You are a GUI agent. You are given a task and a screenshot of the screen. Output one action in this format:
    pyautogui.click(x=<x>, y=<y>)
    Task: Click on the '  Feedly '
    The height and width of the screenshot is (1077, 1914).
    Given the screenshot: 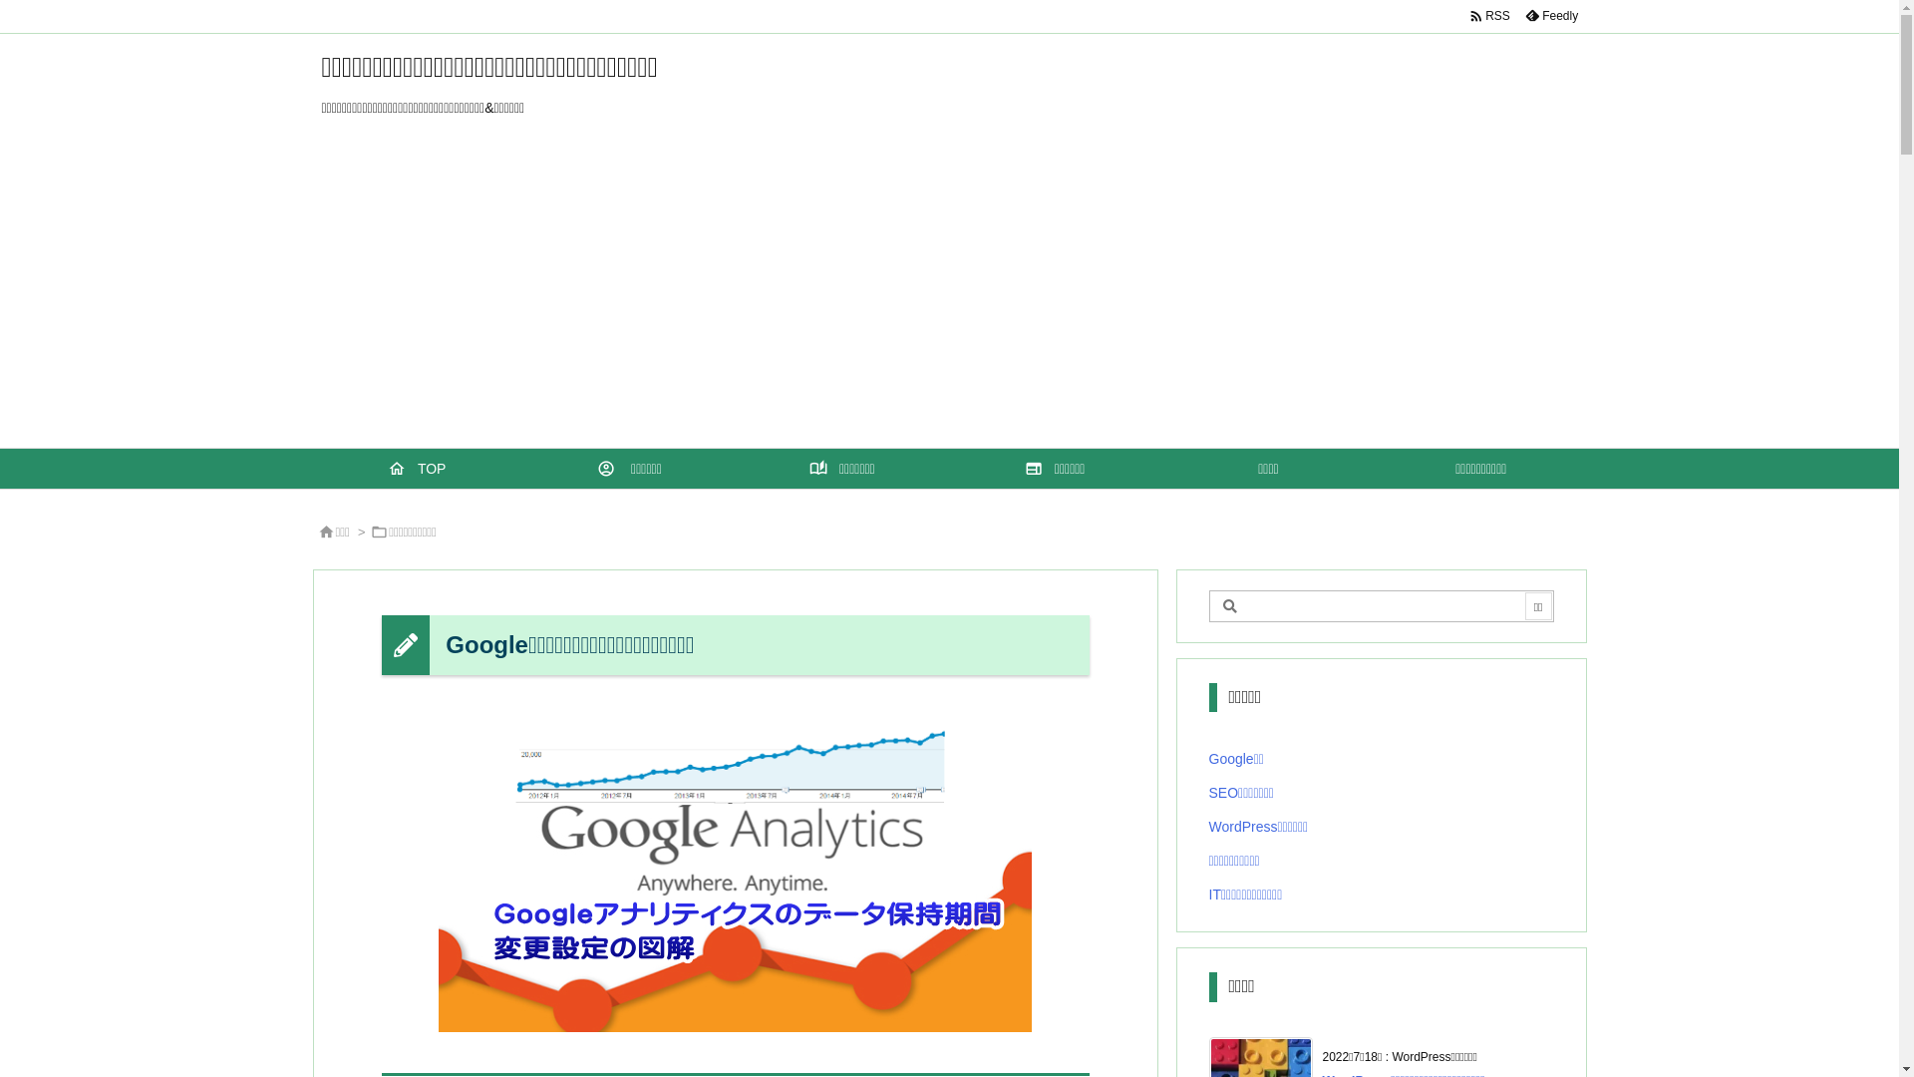 What is the action you would take?
    pyautogui.click(x=1549, y=15)
    